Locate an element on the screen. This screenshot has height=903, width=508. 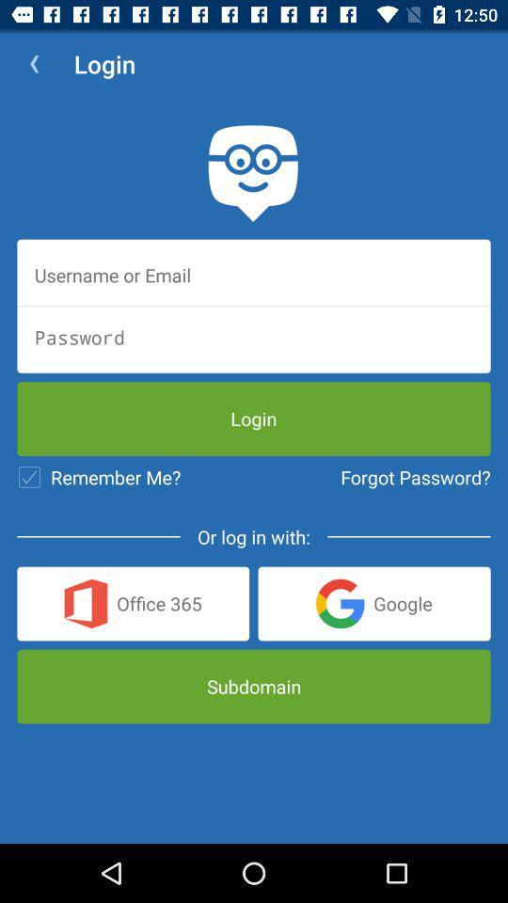
the item next to the login icon is located at coordinates (34, 64).